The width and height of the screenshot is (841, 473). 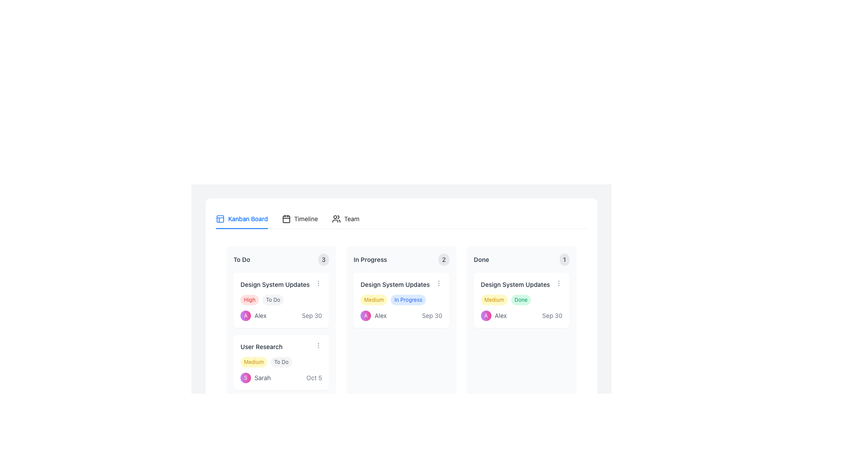 What do you see at coordinates (374, 316) in the screenshot?
I see `the user identity indicator for 'Alex' in the 'In Progress' section of the Kanban board that indicates the task 'Design System Updates.'` at bounding box center [374, 316].